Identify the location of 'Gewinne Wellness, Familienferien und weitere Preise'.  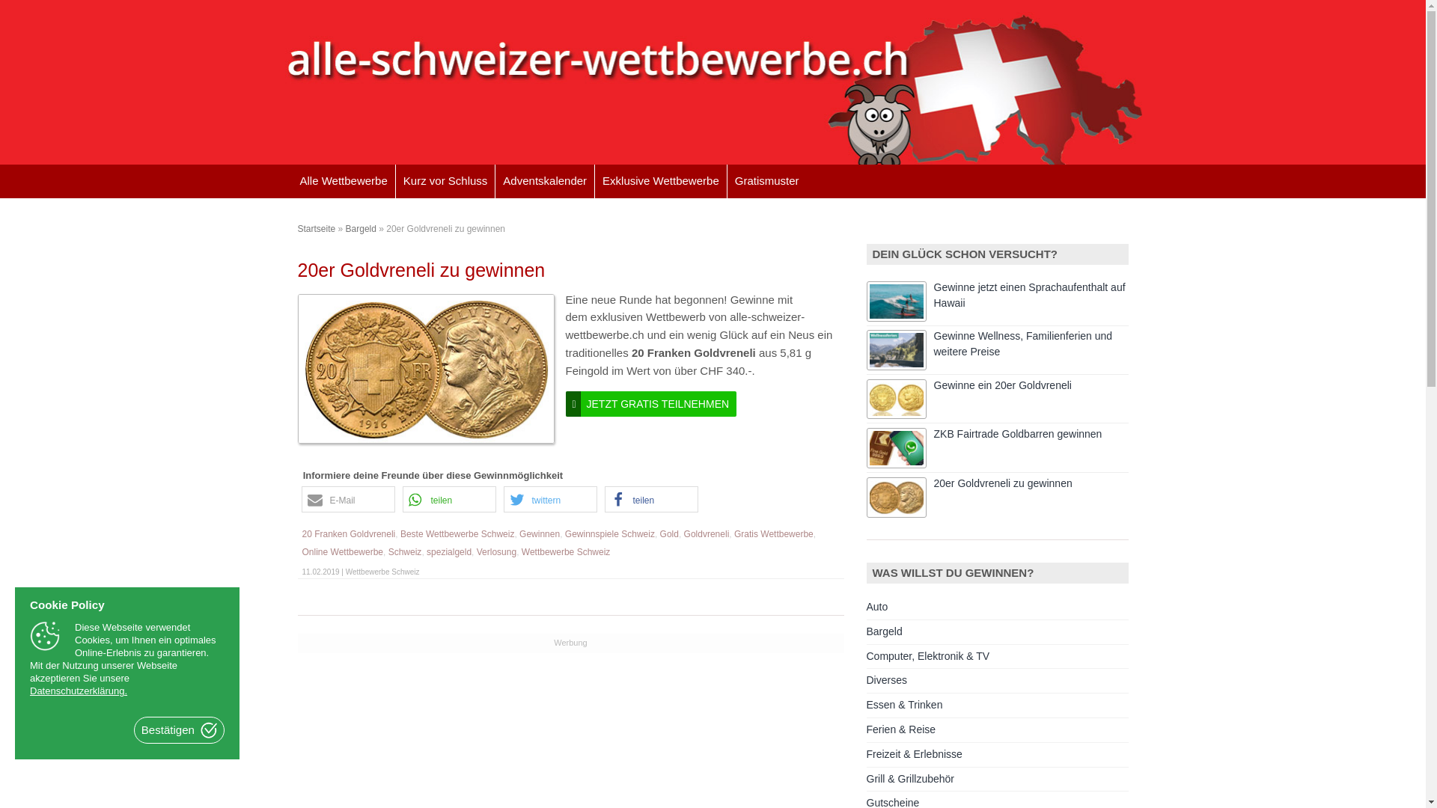
(1022, 343).